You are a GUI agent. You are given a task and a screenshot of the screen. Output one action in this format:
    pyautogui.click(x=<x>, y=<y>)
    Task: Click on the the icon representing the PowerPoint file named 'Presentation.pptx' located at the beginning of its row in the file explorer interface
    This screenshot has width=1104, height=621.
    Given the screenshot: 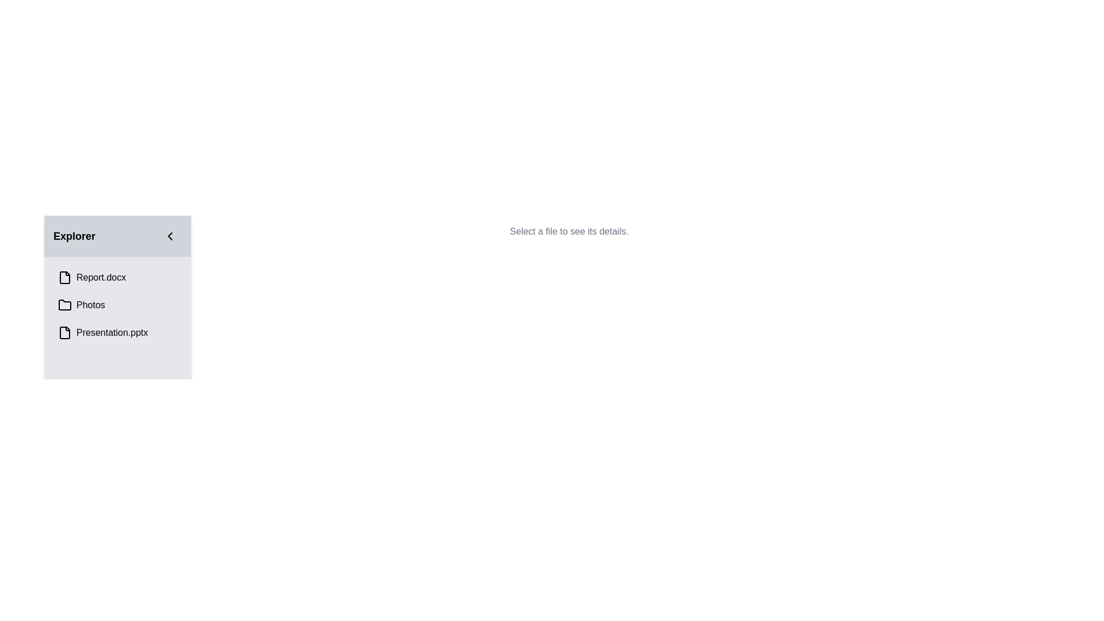 What is the action you would take?
    pyautogui.click(x=64, y=332)
    